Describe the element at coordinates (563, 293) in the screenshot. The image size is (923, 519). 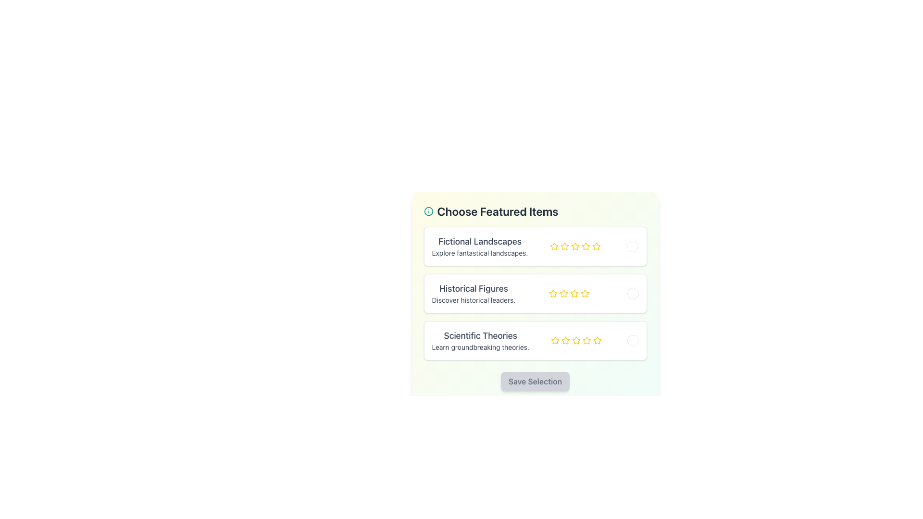
I see `the second rating star in the 'Historical Figures' row` at that location.